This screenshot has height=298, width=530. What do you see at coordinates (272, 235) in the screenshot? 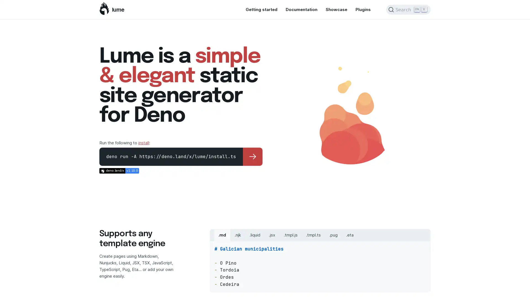
I see `.jsx` at bounding box center [272, 235].